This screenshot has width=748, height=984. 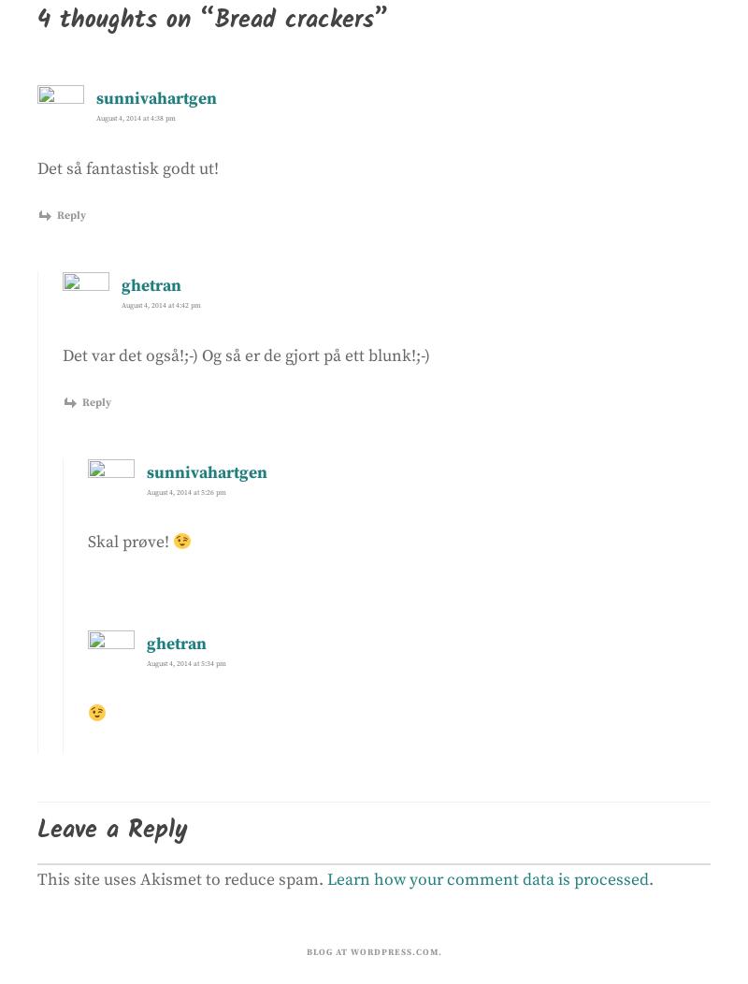 I want to click on 'Det så fantastisk godt ut!', so click(x=127, y=167).